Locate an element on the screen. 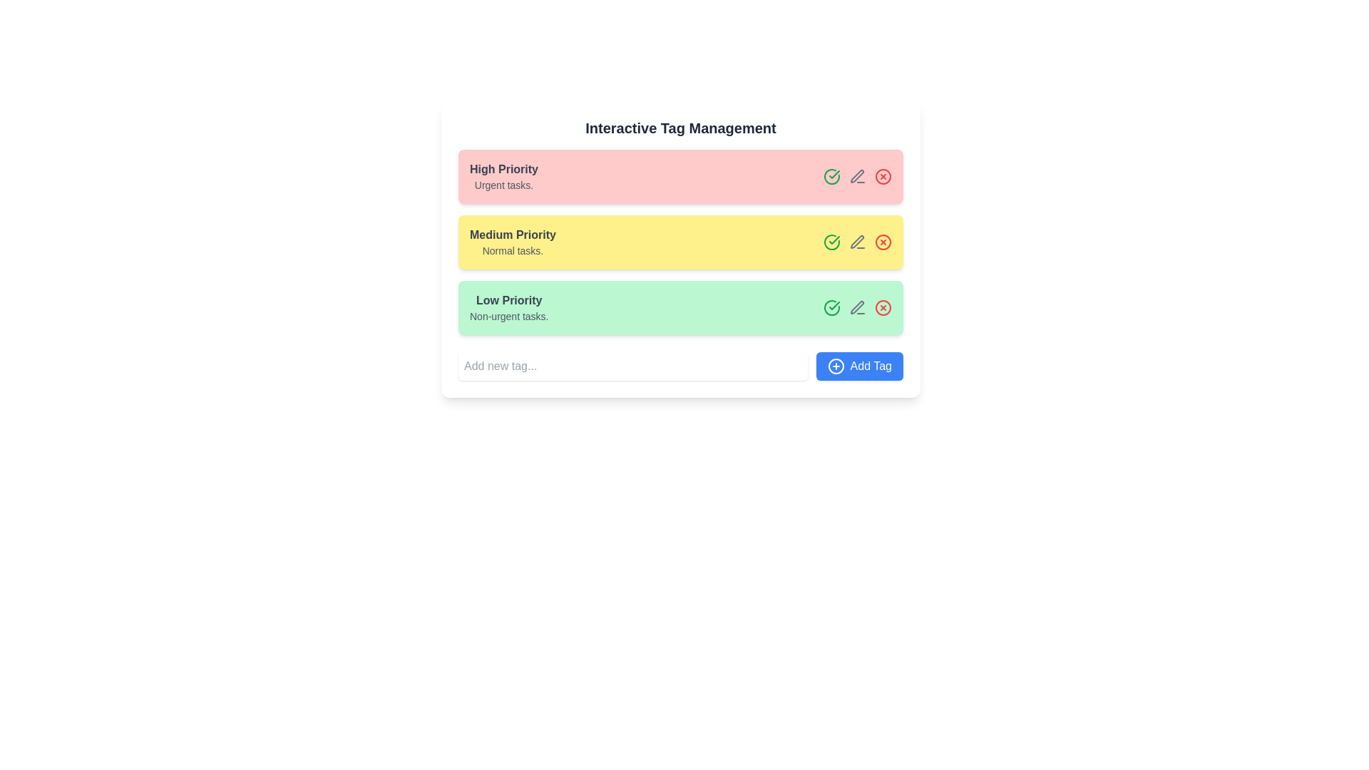 This screenshot has height=770, width=1369. the informational text label for the 'Low Priority' category, which is located in the green section below the title 'Low Priority' is located at coordinates (509, 315).